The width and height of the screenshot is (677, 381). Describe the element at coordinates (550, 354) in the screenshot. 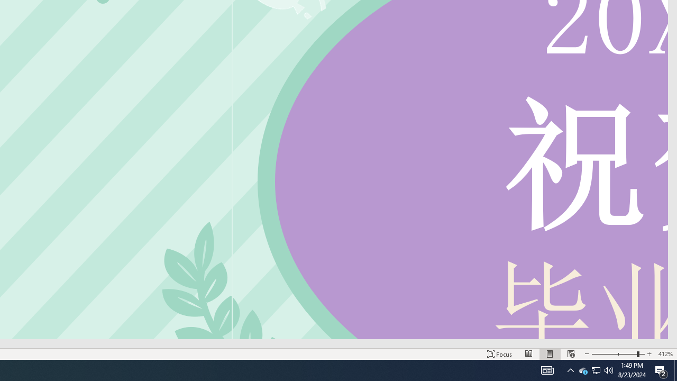

I see `'Print Layout'` at that location.